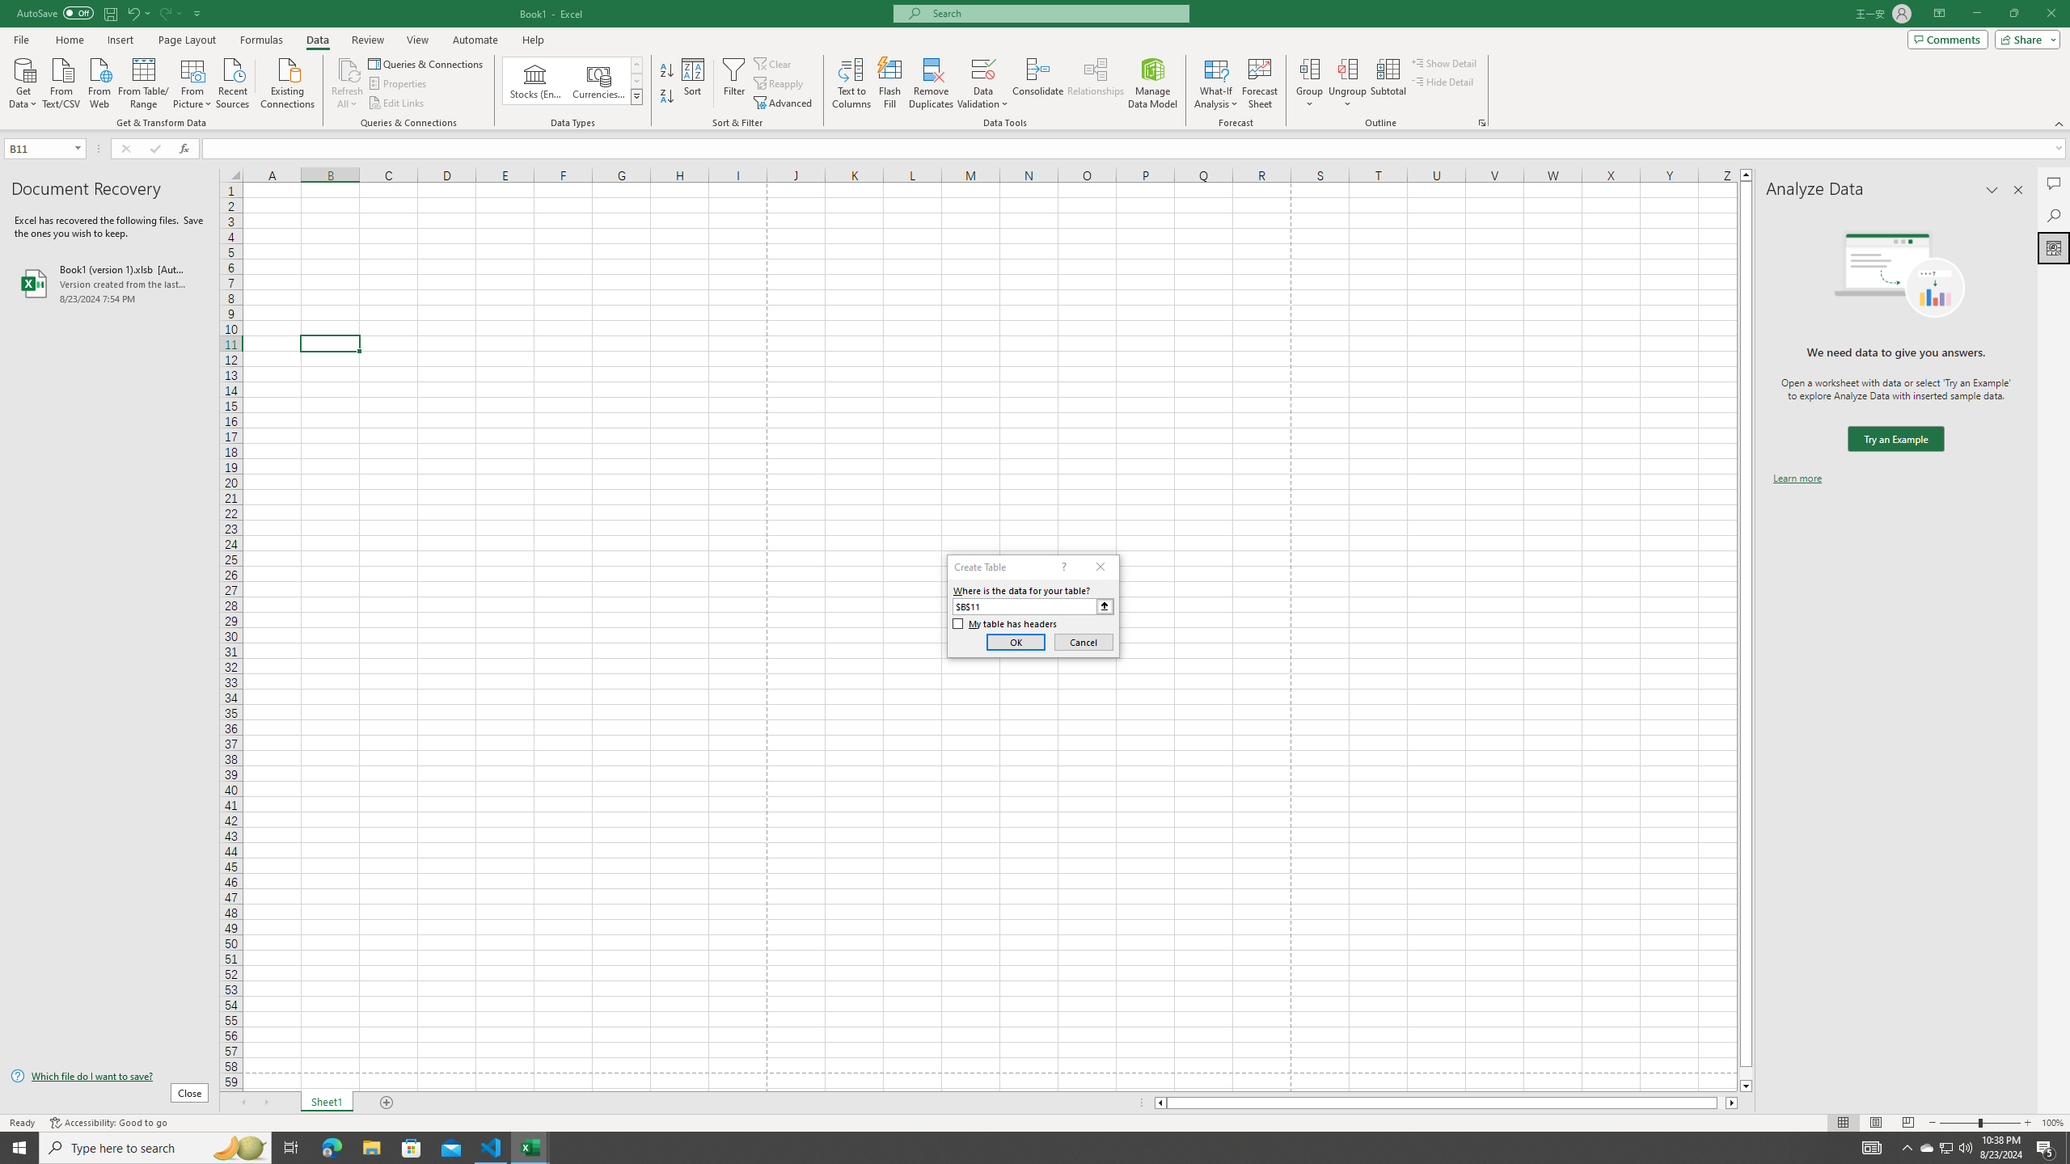 The image size is (2070, 1164). Describe the element at coordinates (666, 70) in the screenshot. I see `'Sort A to Z'` at that location.